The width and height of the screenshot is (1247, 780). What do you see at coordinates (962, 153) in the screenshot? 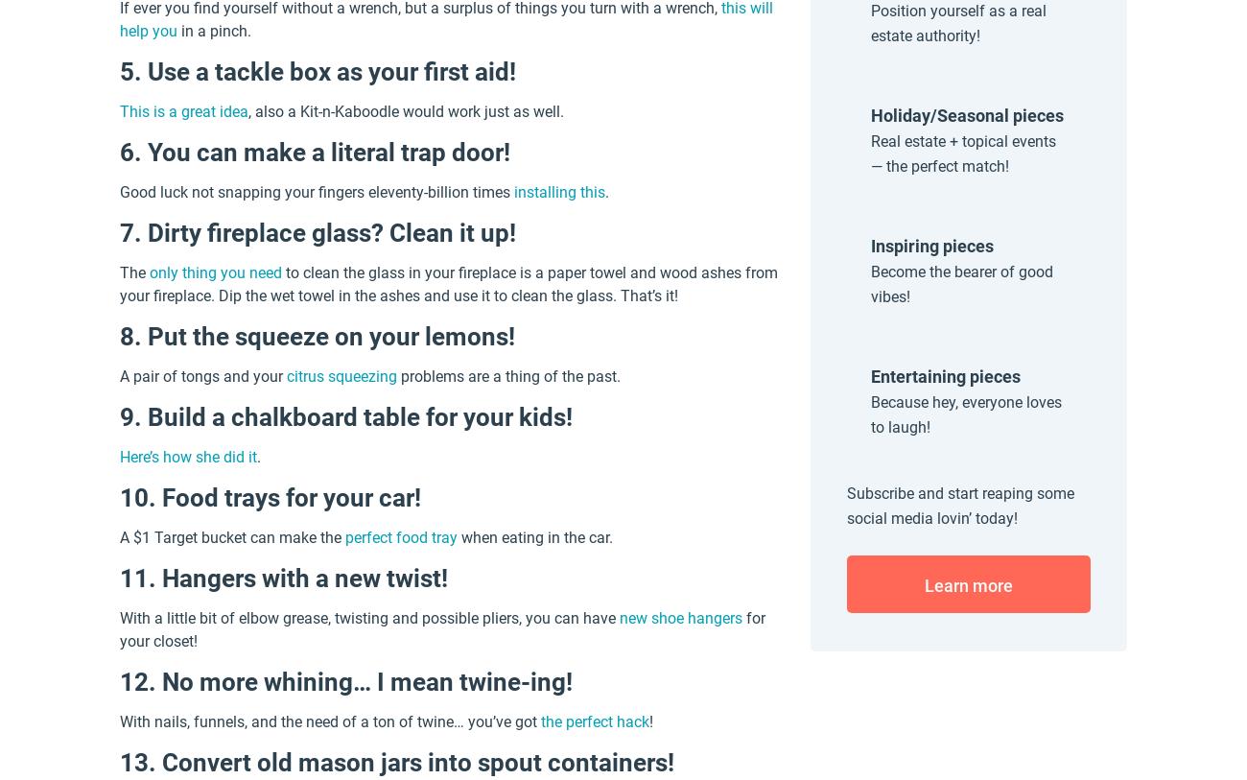
I see `'Real estate + topical events — the perfect match!'` at bounding box center [962, 153].